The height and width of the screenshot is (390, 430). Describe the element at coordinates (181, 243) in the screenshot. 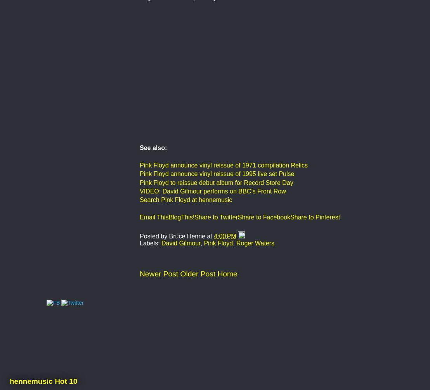

I see `'David Gilmour'` at that location.